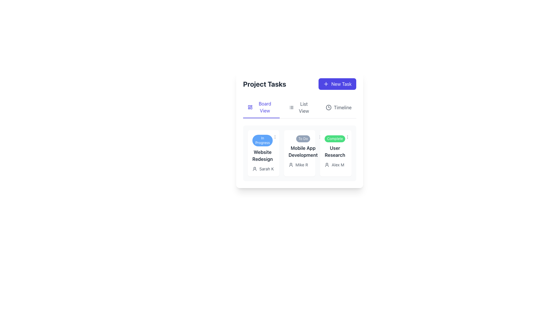  I want to click on the text label indicating functionality or context of the associated interface element, located to the right of the clock icon, so click(343, 107).